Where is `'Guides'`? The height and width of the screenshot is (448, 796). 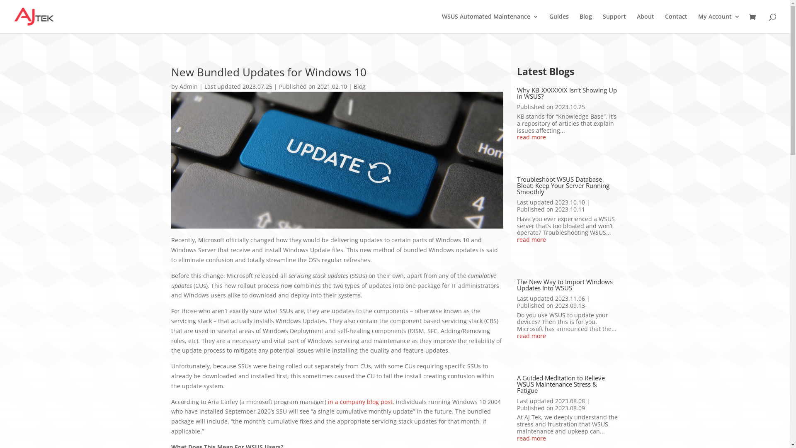 'Guides' is located at coordinates (559, 23).